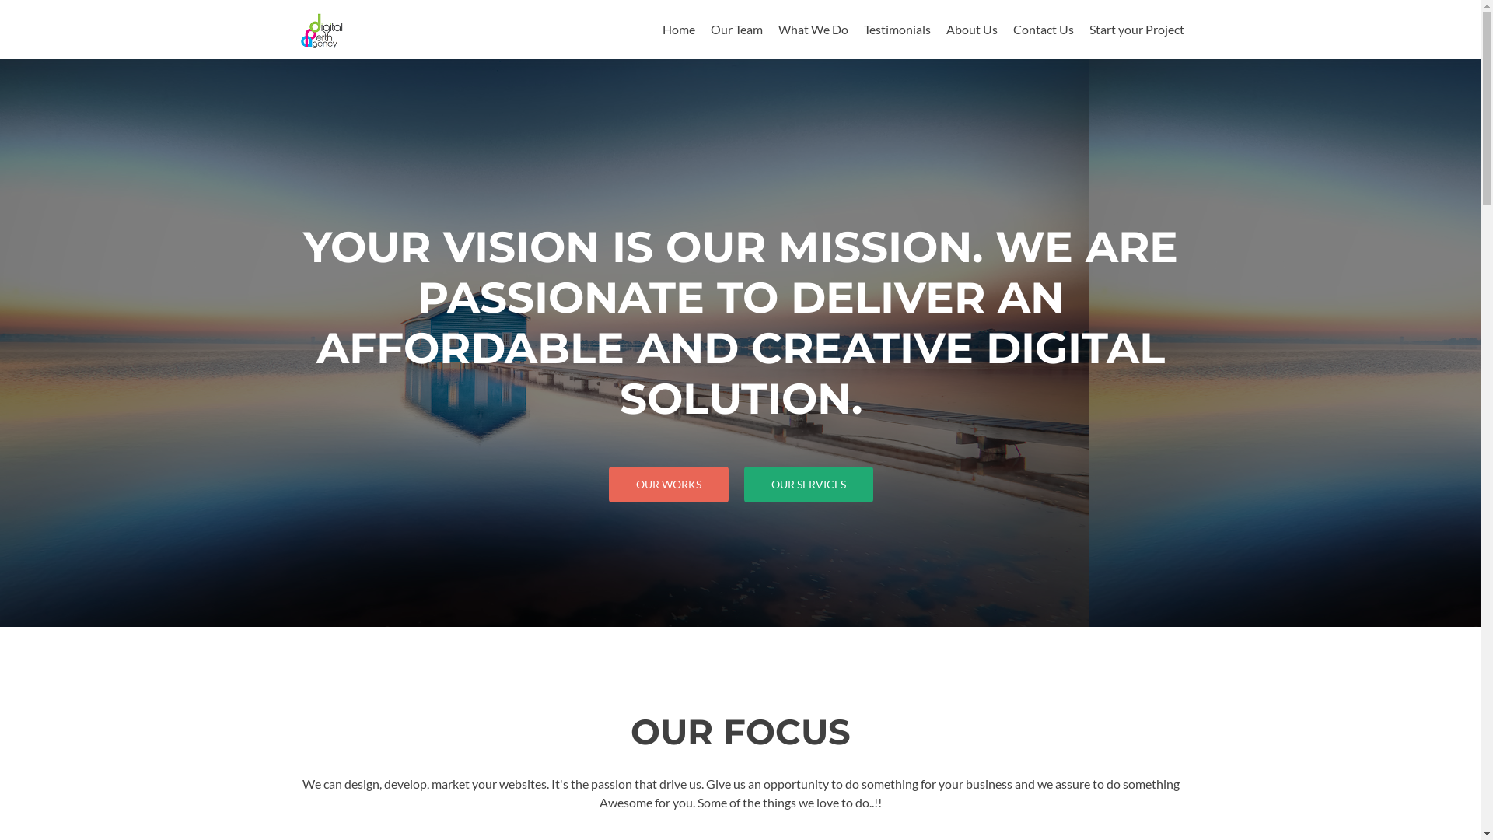  What do you see at coordinates (1135, 29) in the screenshot?
I see `'Start your Project'` at bounding box center [1135, 29].